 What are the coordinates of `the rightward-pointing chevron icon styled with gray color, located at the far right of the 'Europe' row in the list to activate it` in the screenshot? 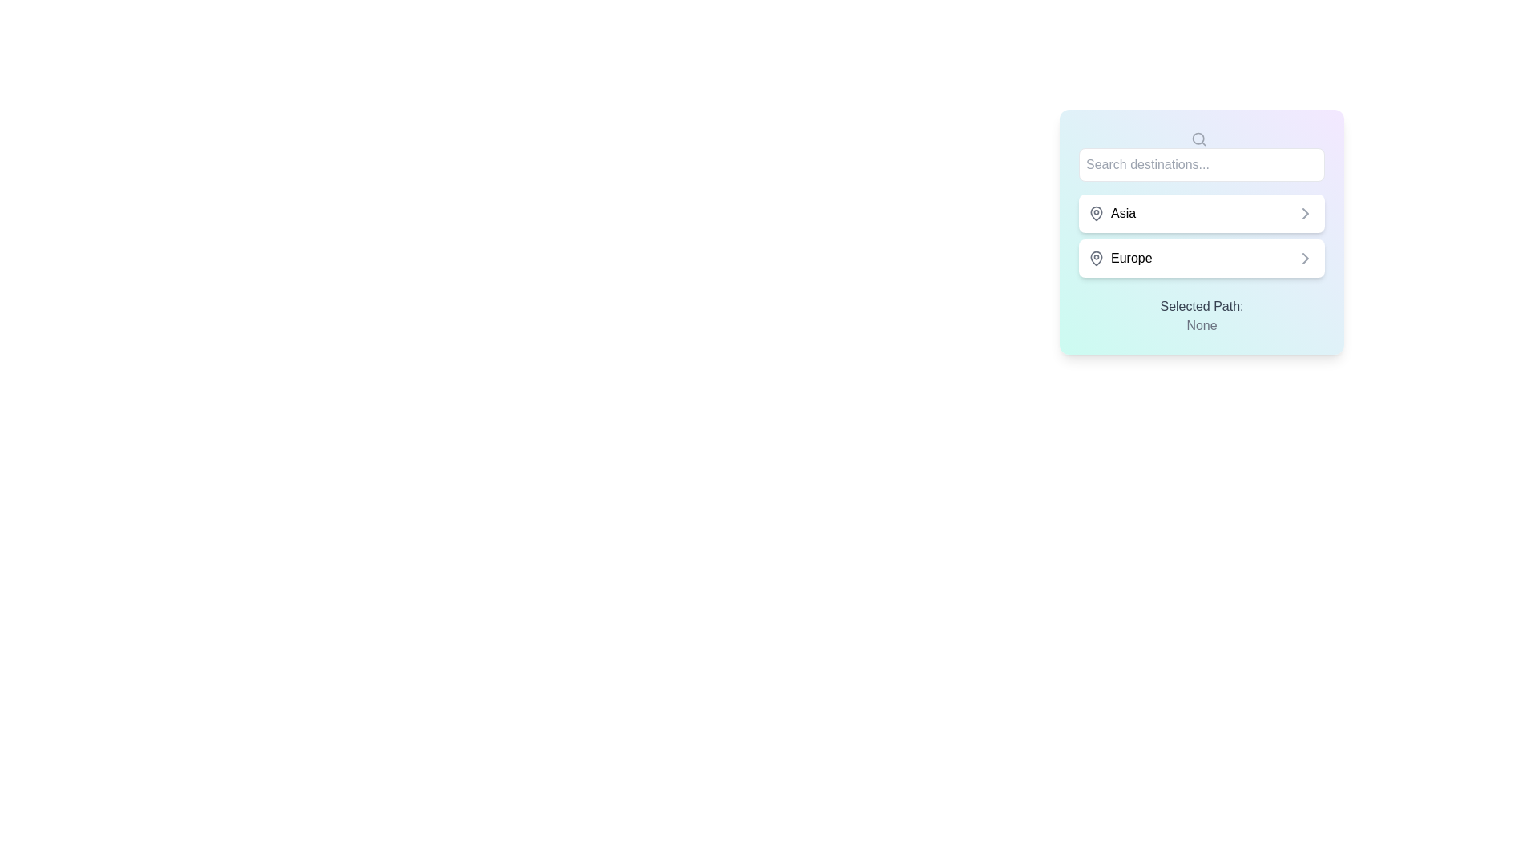 It's located at (1306, 258).